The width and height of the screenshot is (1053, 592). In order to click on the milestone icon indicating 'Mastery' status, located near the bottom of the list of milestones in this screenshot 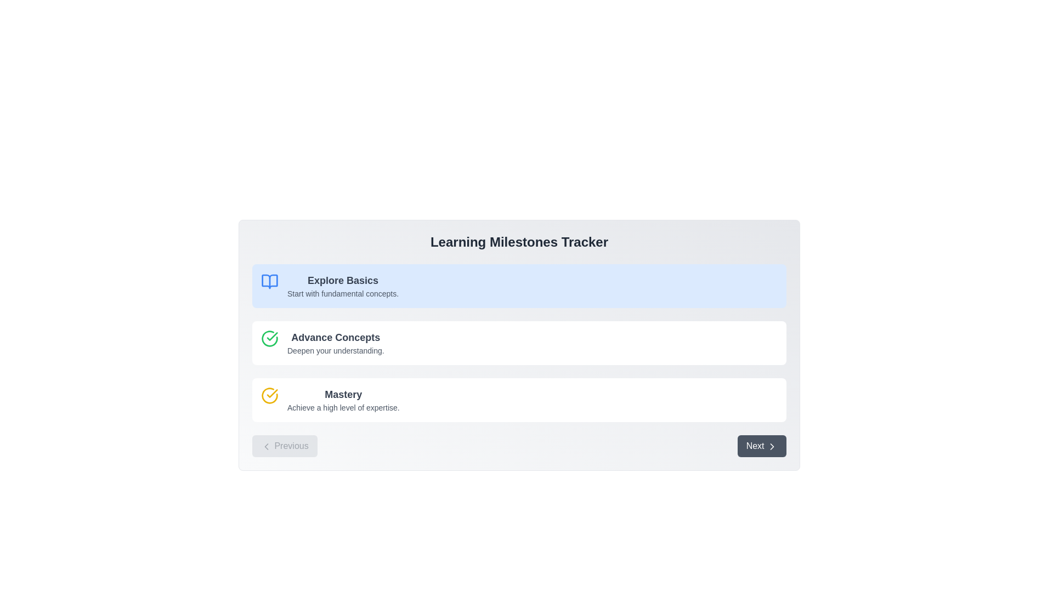, I will do `click(269, 395)`.